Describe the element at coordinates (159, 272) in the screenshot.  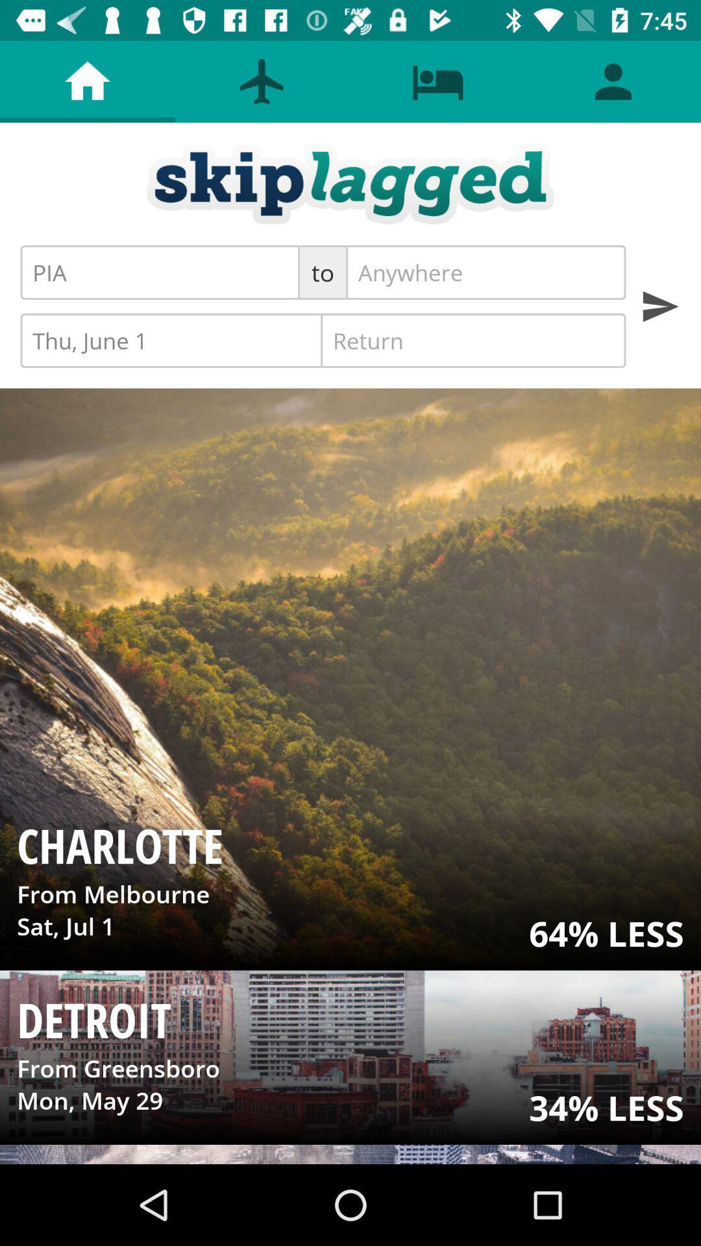
I see `the item to the left of the to item` at that location.